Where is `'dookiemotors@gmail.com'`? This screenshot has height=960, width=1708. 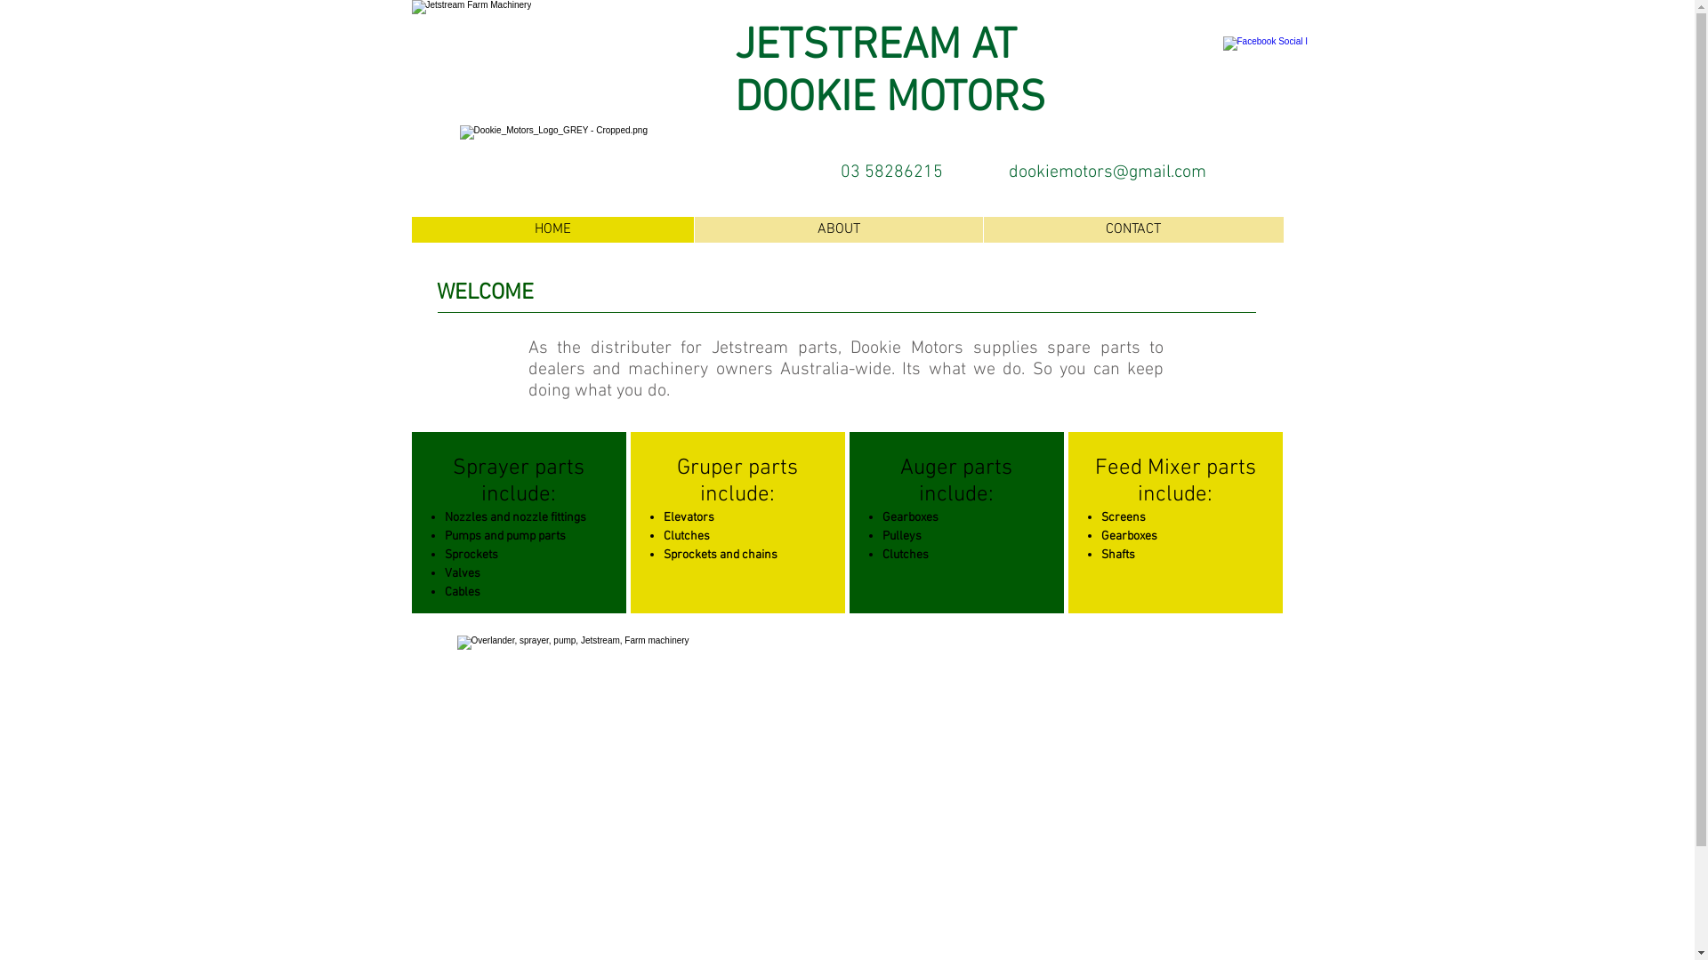
'dookiemotors@gmail.com' is located at coordinates (1106, 172).